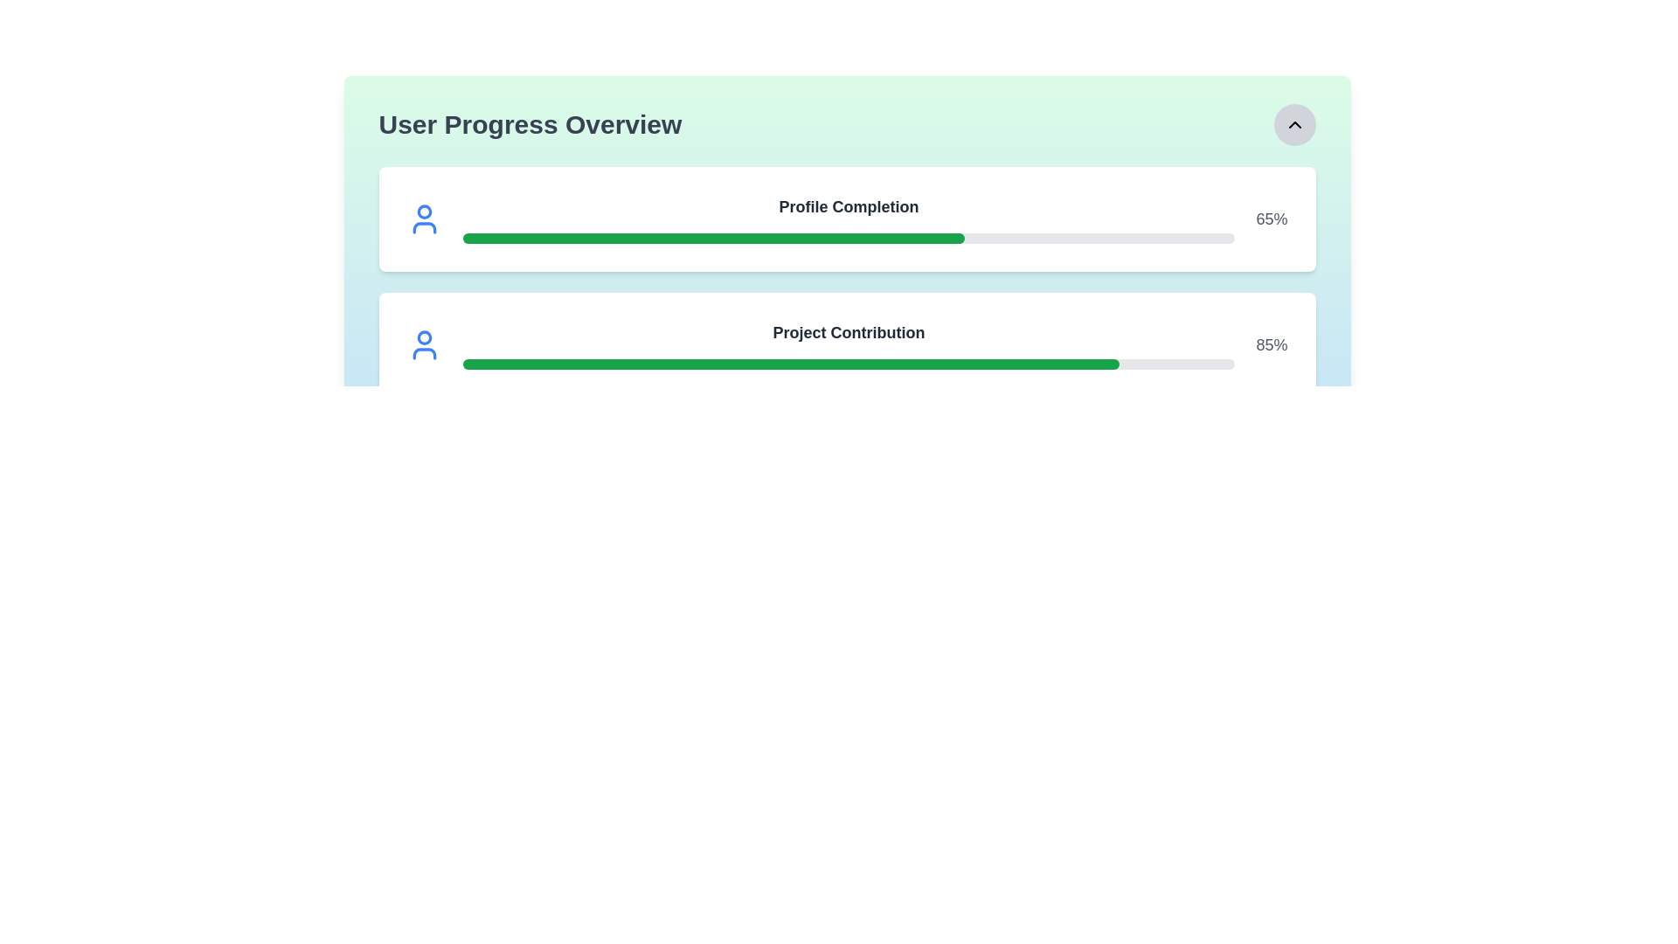  I want to click on the Progress bar that visually represents 85% completion, positioned underneath the 'Project Contribution' heading, so click(790, 363).